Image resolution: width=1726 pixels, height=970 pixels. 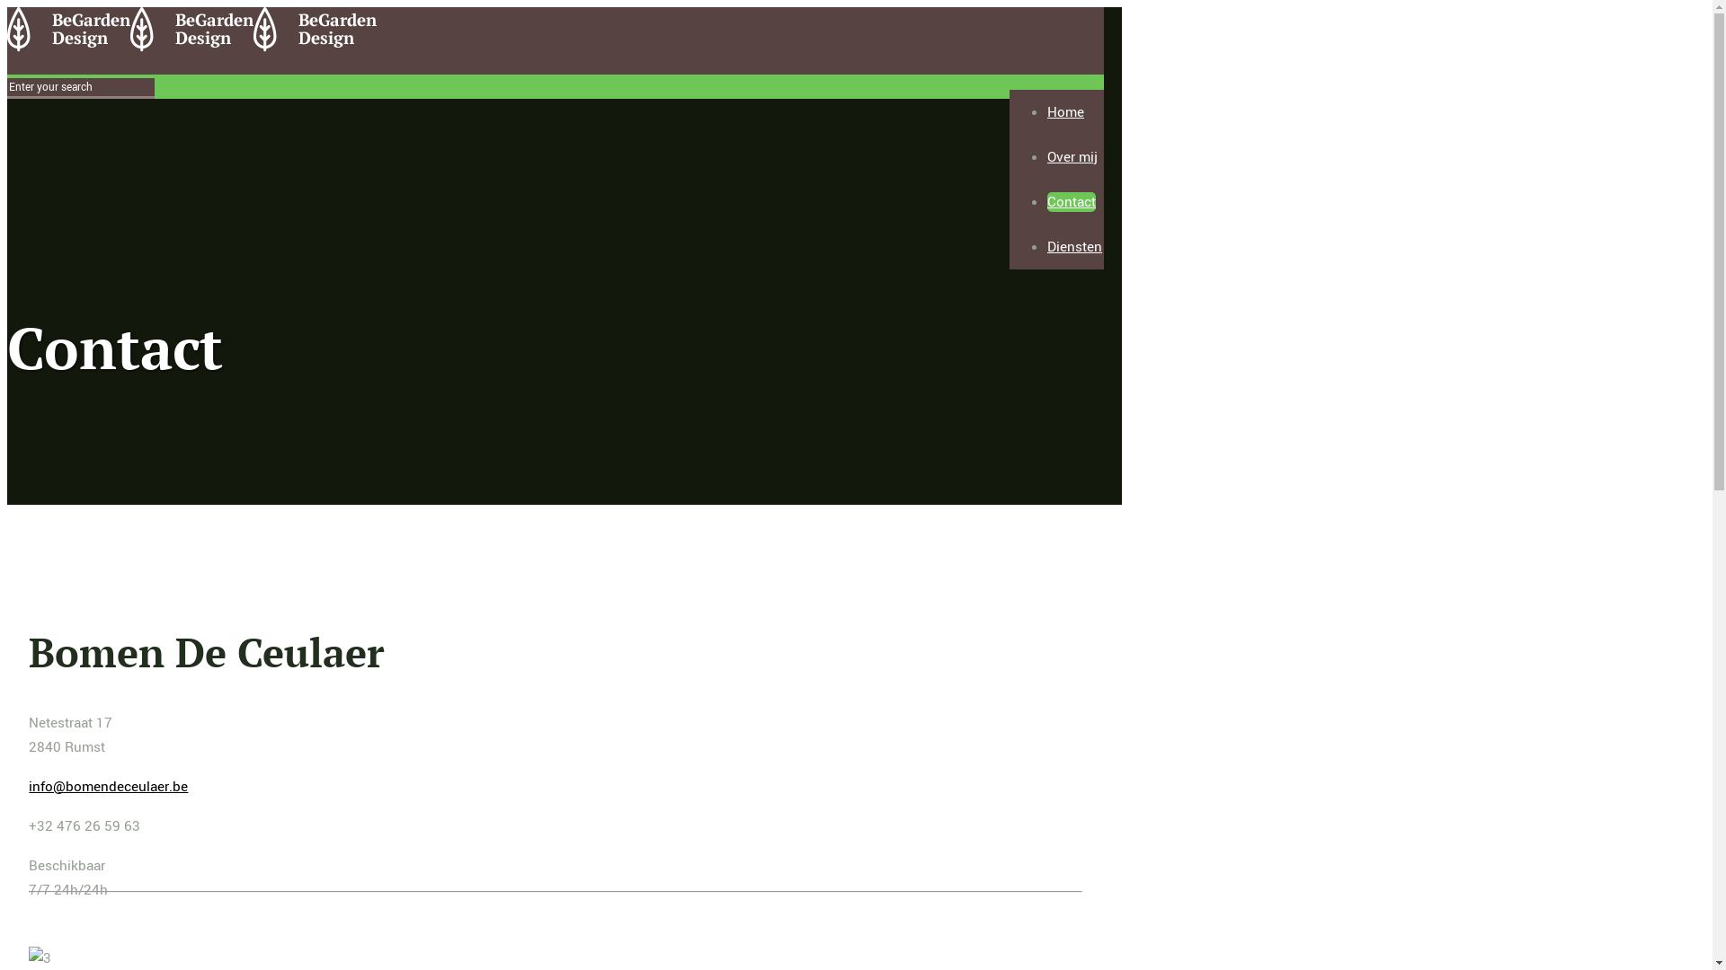 I want to click on 'Bomen De Ceulaer', so click(x=191, y=47).